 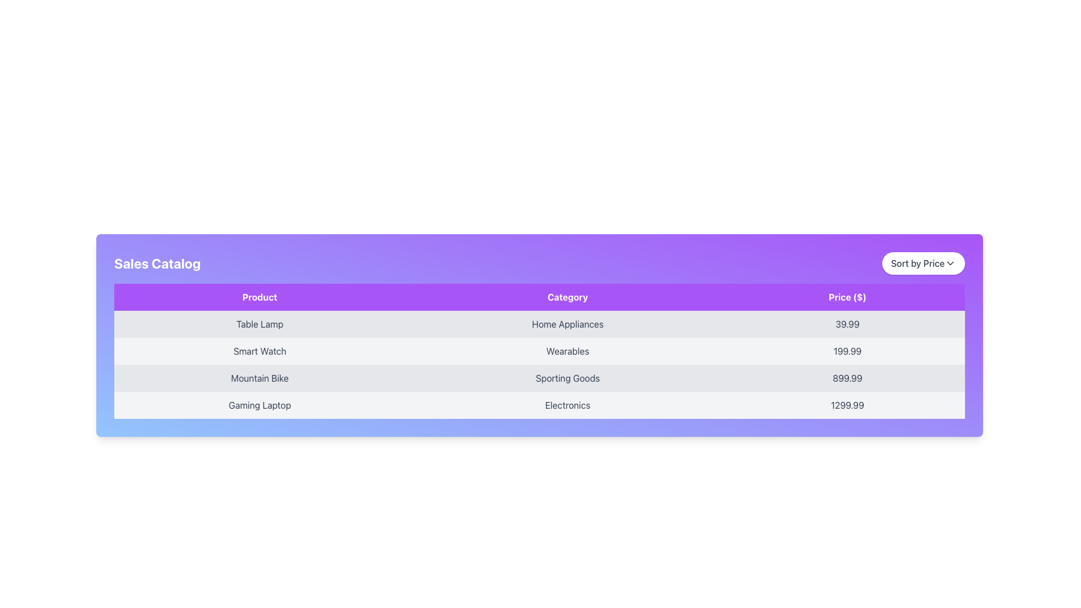 What do you see at coordinates (847, 405) in the screenshot?
I see `numeric value displayed in the bold, centered text label showing '1299.99' in the 'Price ($)' column of the fourth row in the table` at bounding box center [847, 405].